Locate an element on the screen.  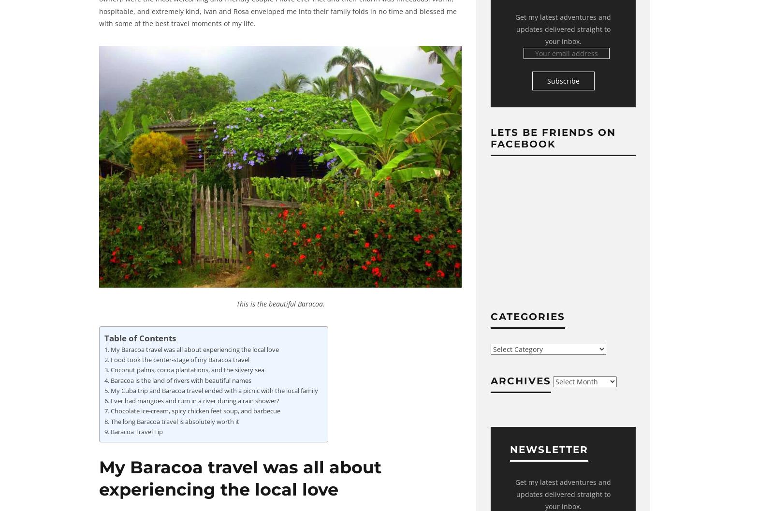
'Chocolate ice-cream, spicy chicken feet soup, and barbecue' is located at coordinates (195, 411).